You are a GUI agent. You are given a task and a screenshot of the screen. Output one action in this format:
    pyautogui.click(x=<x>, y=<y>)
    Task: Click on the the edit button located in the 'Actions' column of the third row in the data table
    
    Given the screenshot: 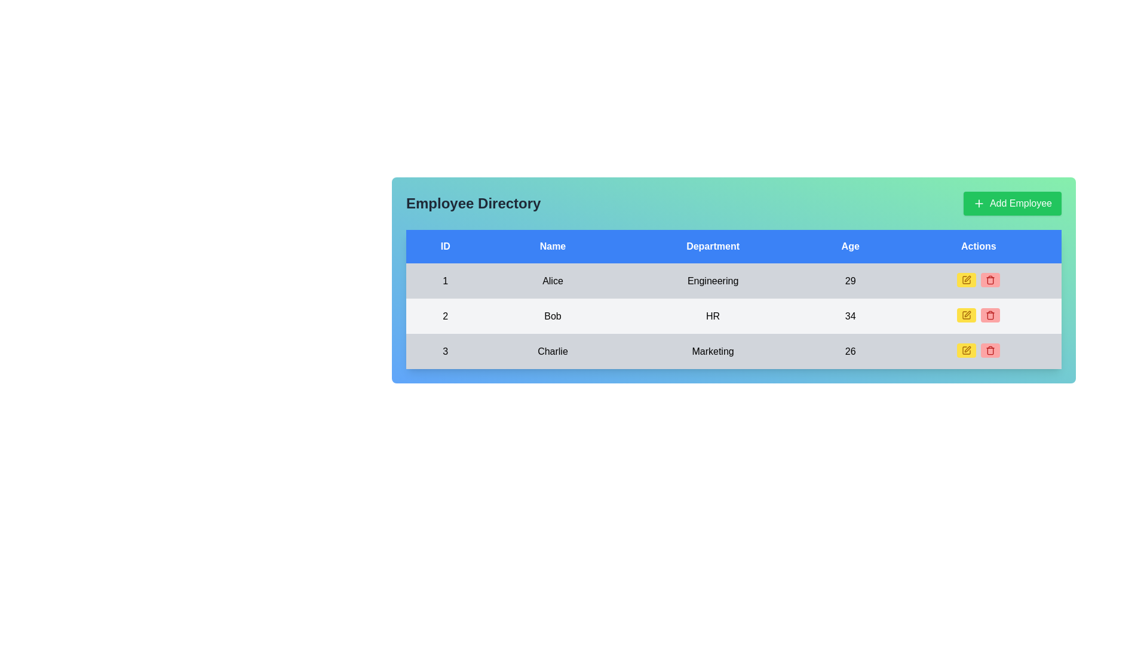 What is the action you would take?
    pyautogui.click(x=968, y=349)
    